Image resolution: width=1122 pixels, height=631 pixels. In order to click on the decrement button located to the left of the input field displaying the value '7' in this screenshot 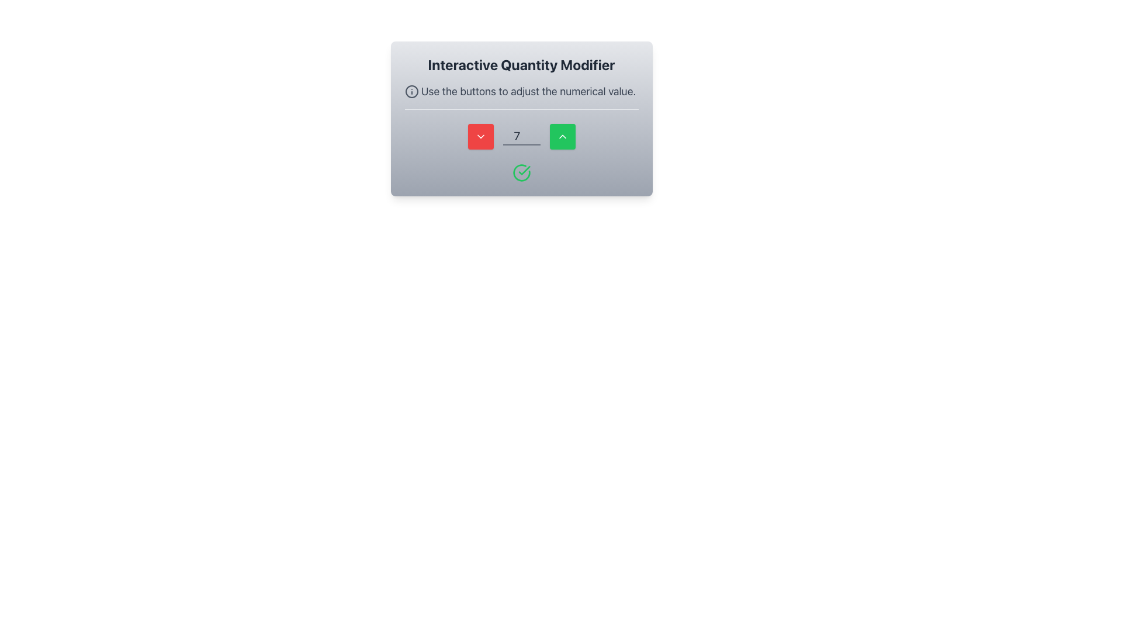, I will do `click(480, 136)`.